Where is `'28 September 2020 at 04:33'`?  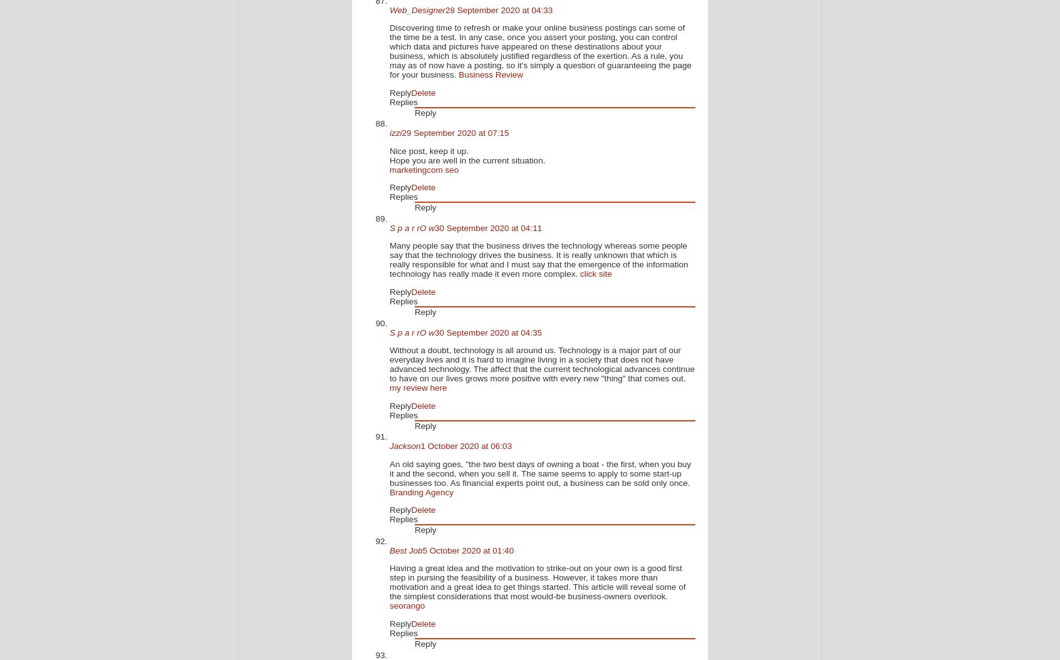
'28 September 2020 at 04:33' is located at coordinates (444, 9).